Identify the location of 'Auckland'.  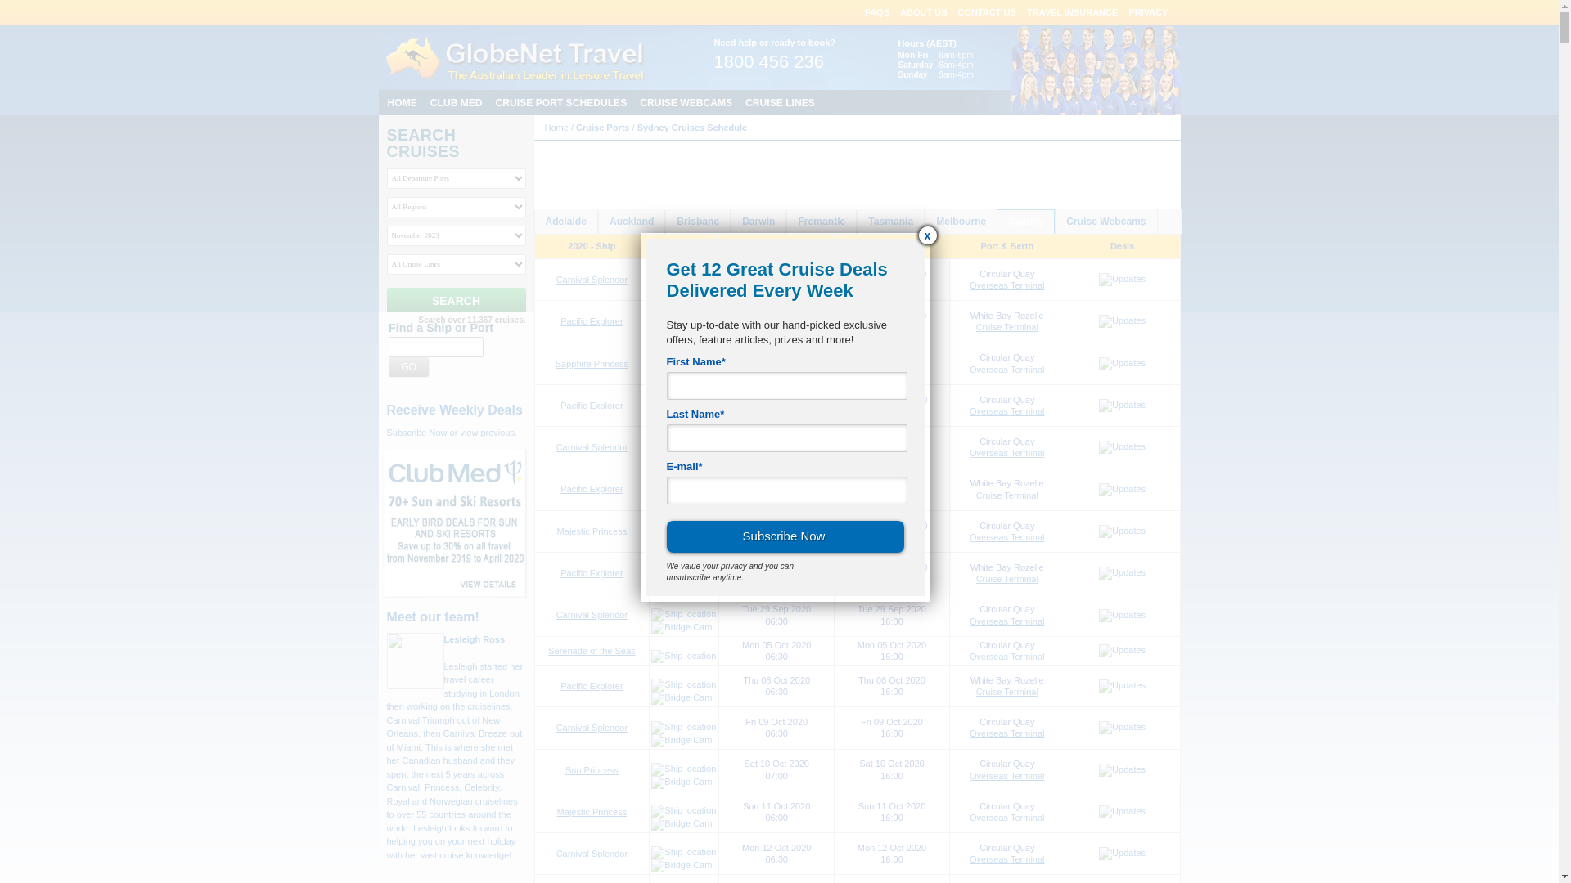
(631, 222).